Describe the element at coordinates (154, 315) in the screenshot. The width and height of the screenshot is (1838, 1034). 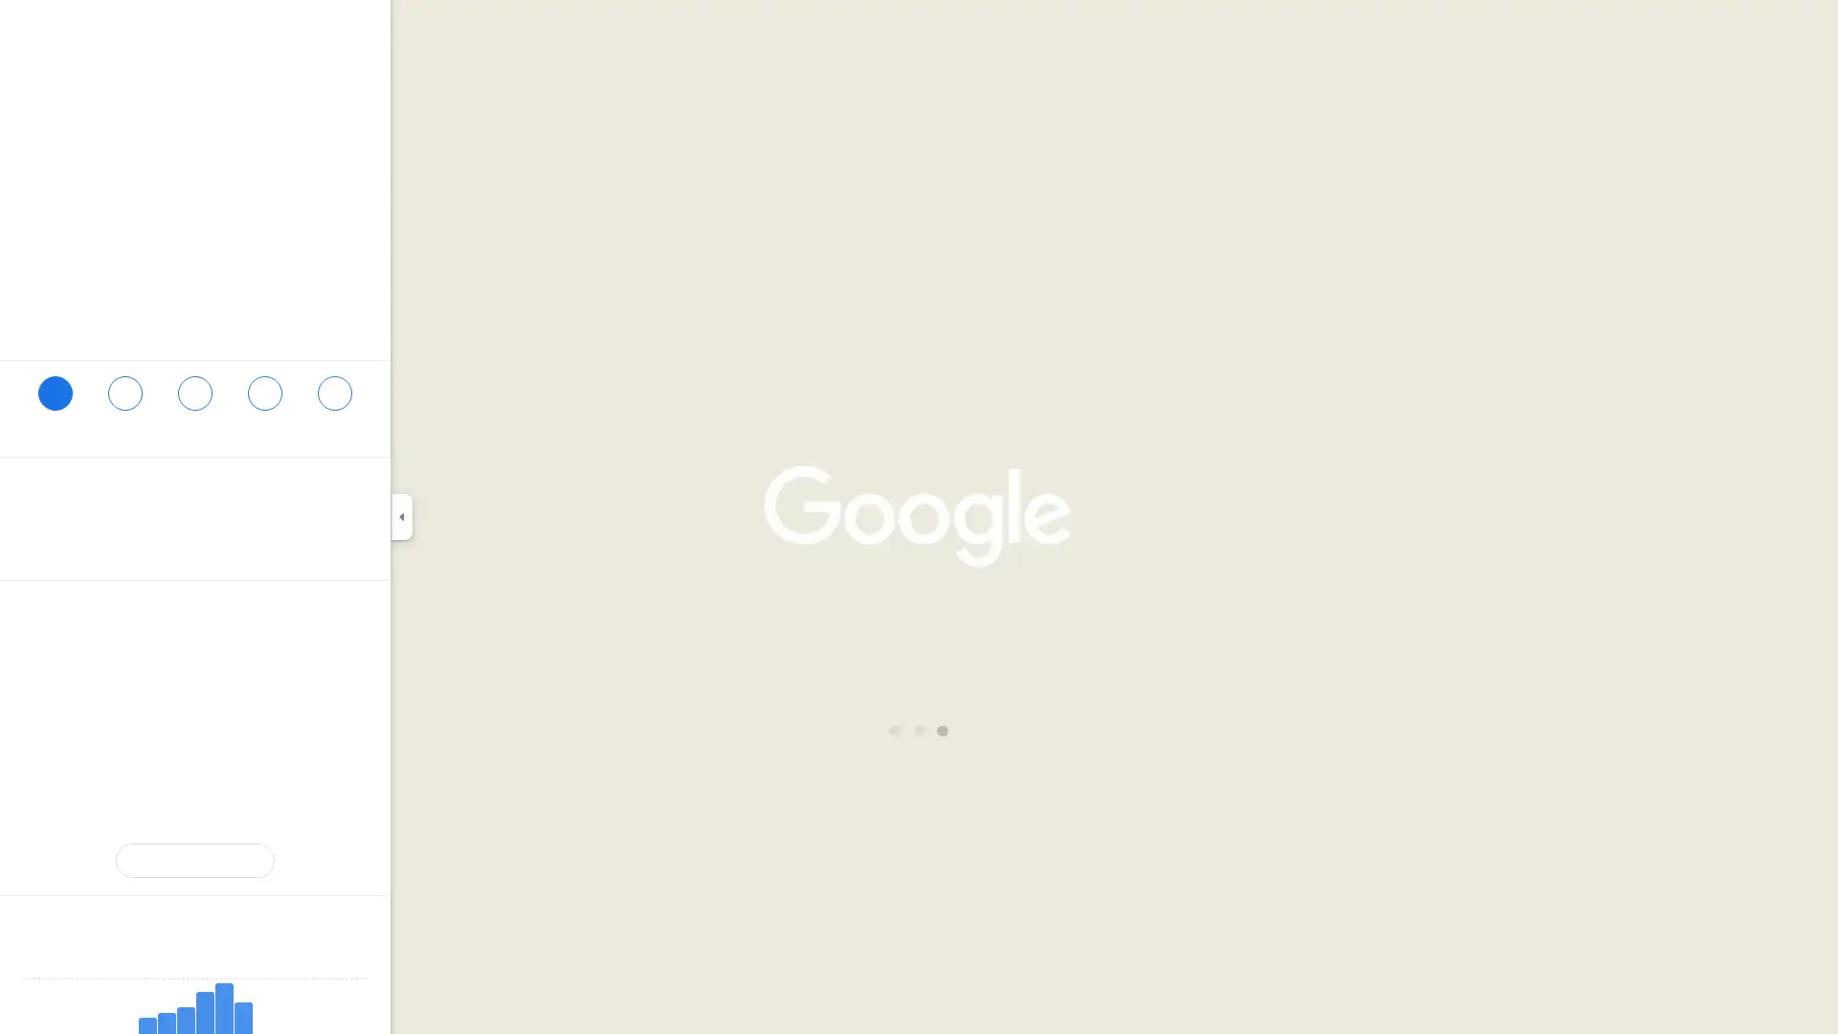
I see `222 reviews` at that location.